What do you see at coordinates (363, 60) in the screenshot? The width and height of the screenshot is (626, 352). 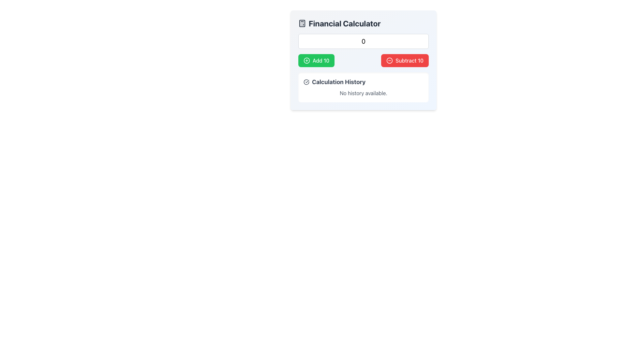 I see `the 'Subtract 10' button in the button group under the 'Financial Calculator' card to decrease the numerical value in the input field above` at bounding box center [363, 60].